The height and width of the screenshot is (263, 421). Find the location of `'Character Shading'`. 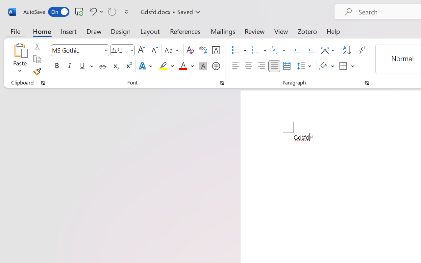

'Character Shading' is located at coordinates (203, 66).